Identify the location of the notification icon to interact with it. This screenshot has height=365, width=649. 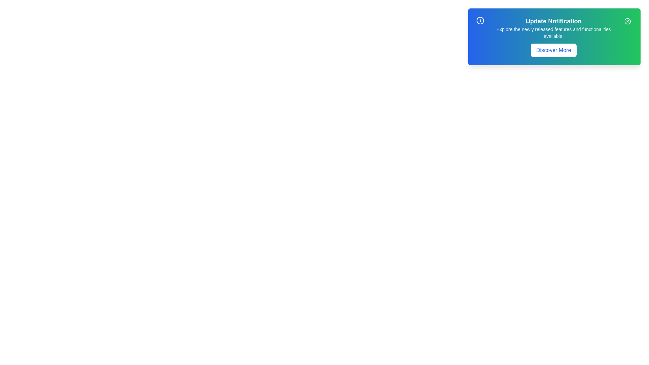
(480, 20).